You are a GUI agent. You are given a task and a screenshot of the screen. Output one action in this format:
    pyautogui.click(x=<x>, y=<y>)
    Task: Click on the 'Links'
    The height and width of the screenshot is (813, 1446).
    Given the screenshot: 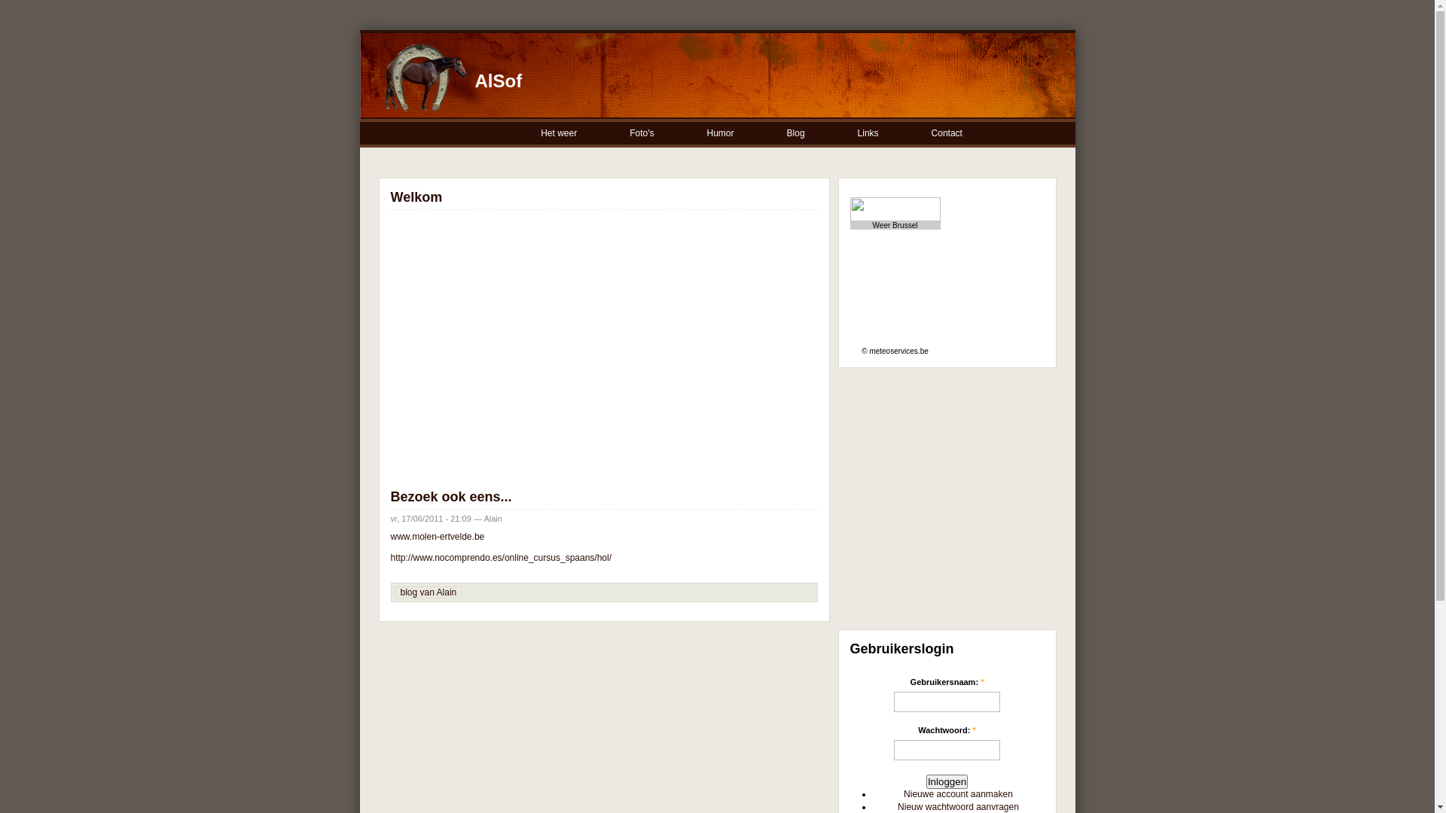 What is the action you would take?
    pyautogui.click(x=868, y=132)
    